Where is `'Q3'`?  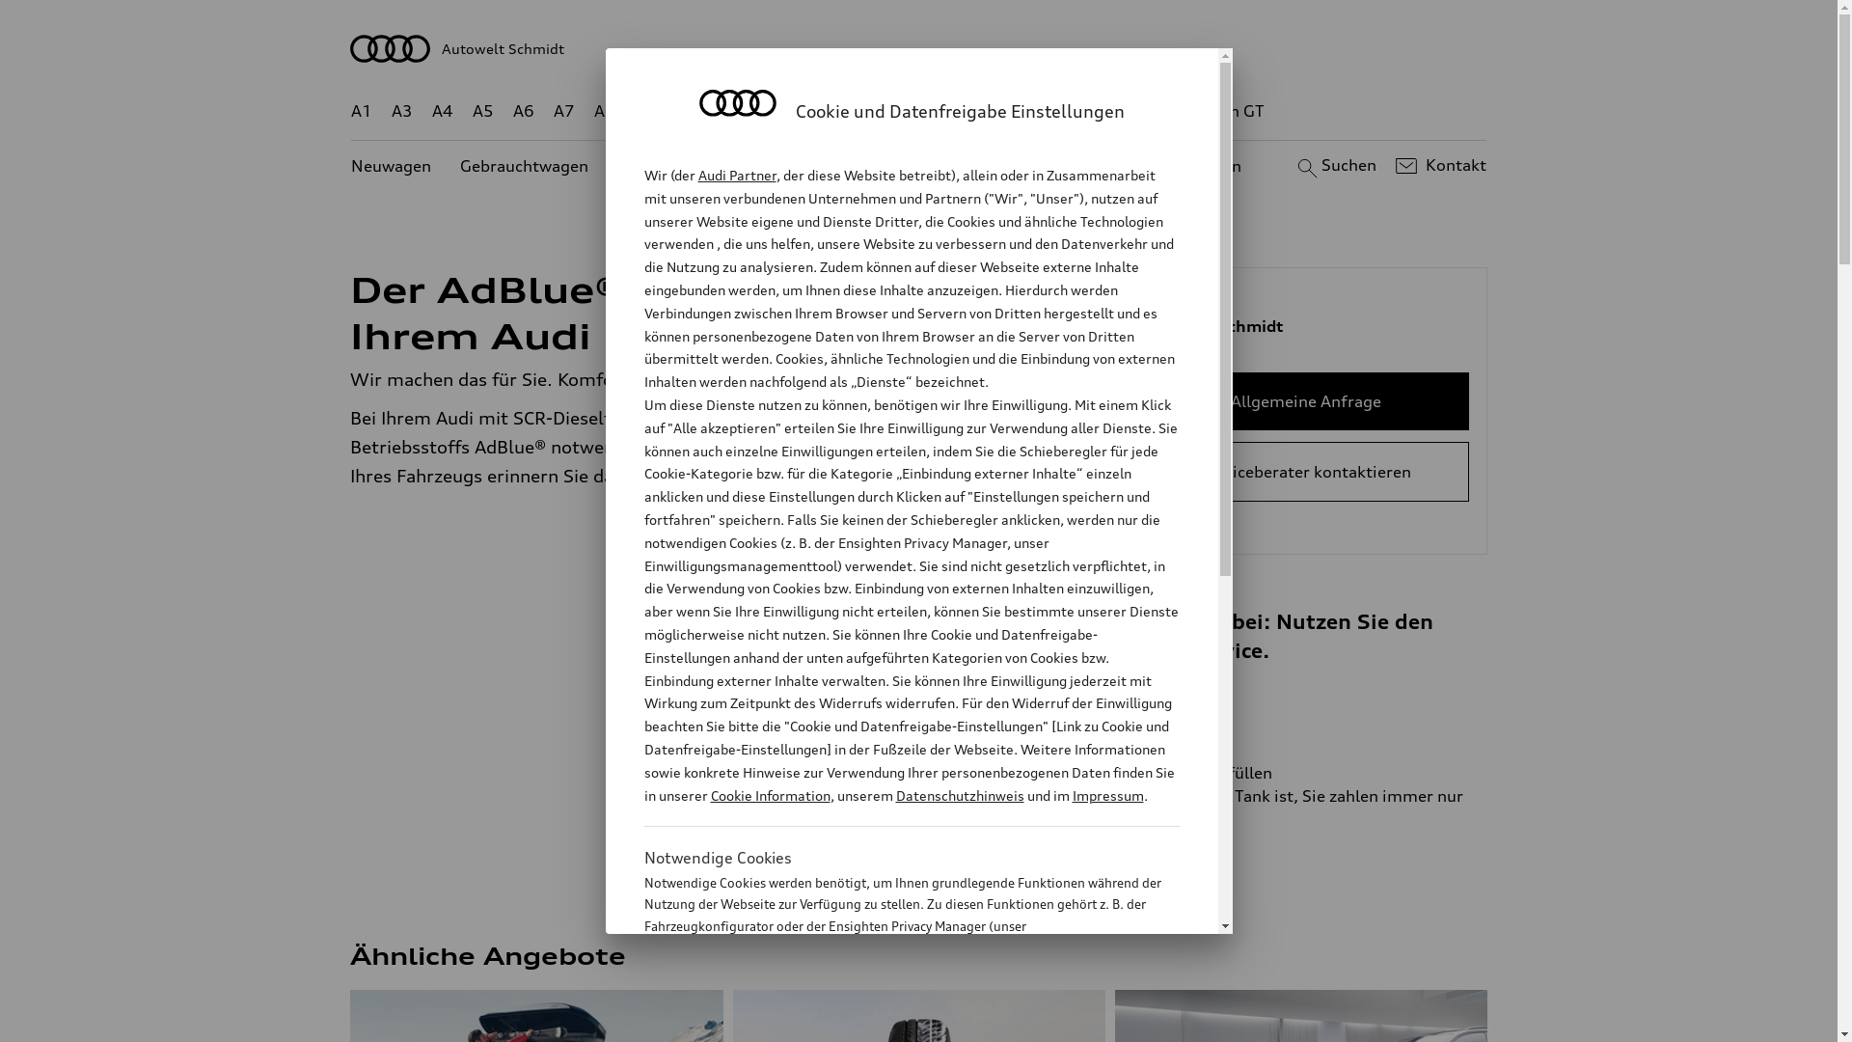
'Q3' is located at coordinates (687, 111).